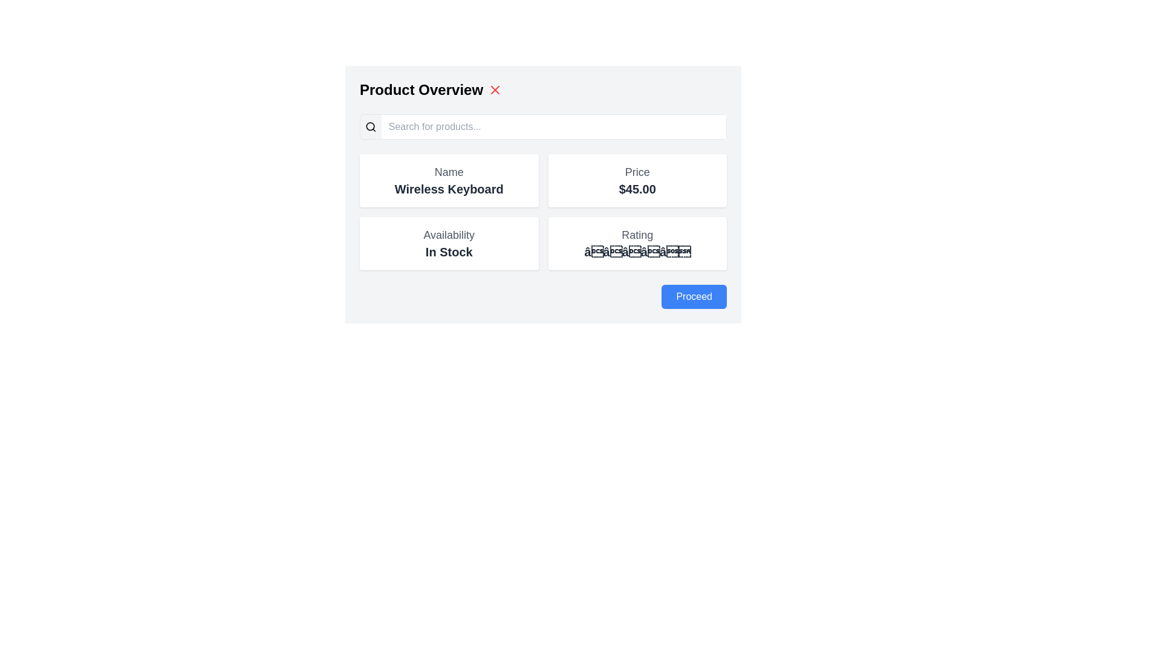 The image size is (1161, 653). Describe the element at coordinates (369, 126) in the screenshot. I see `the circular lens section of the search icon located within the search bar component at the top-left side of the interface` at that location.